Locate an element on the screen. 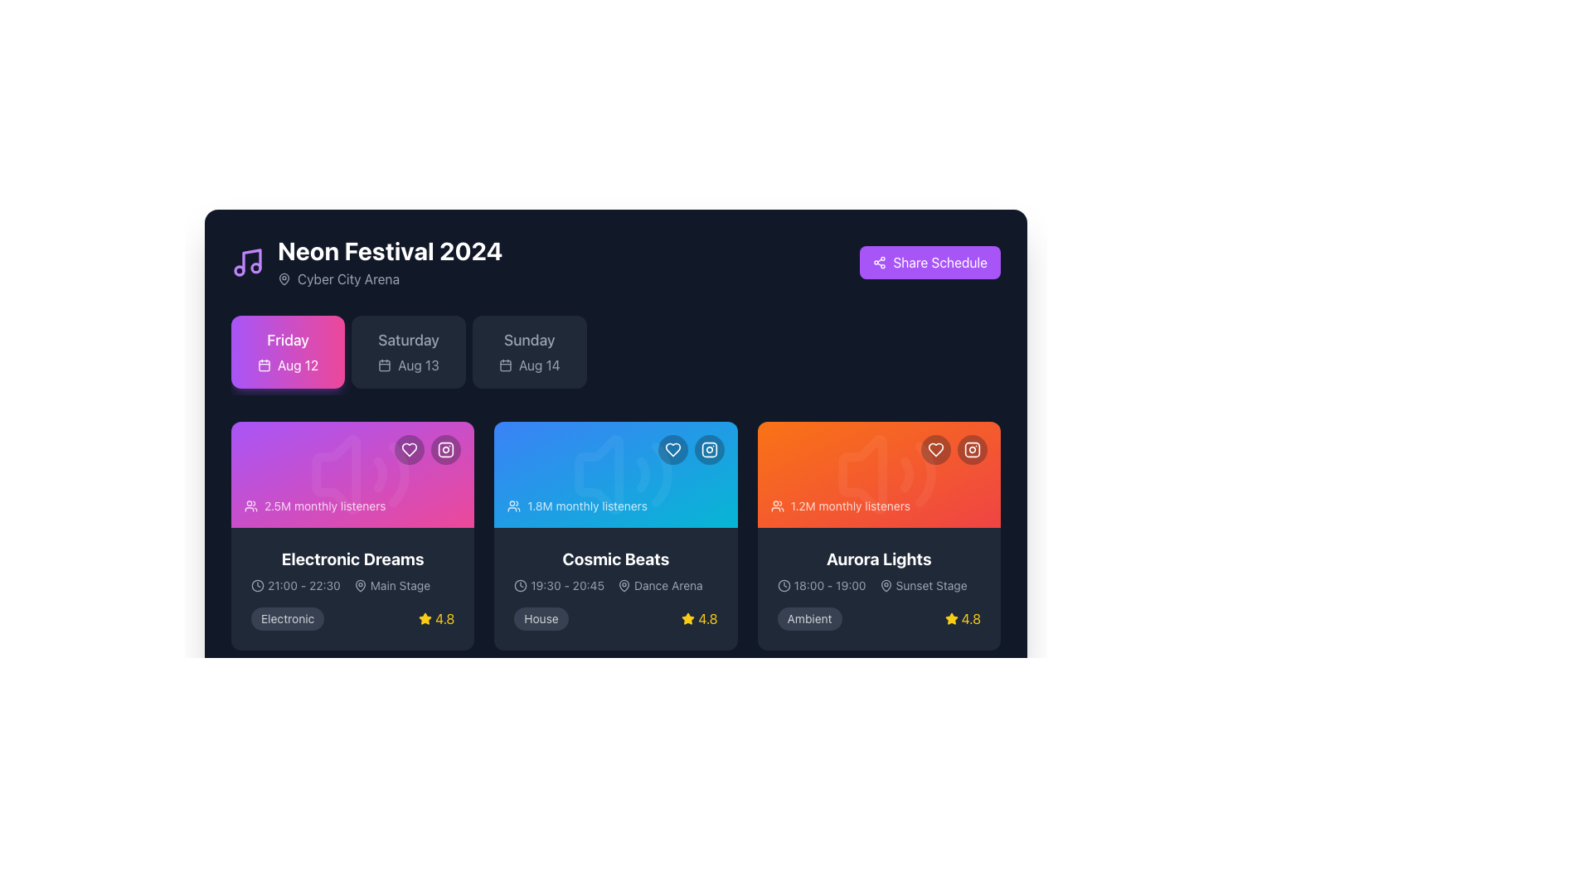 The height and width of the screenshot is (895, 1592). the circular button with a heart icon located in the top-right corner of the 'Electronic Dreams' card is located at coordinates (410, 450).